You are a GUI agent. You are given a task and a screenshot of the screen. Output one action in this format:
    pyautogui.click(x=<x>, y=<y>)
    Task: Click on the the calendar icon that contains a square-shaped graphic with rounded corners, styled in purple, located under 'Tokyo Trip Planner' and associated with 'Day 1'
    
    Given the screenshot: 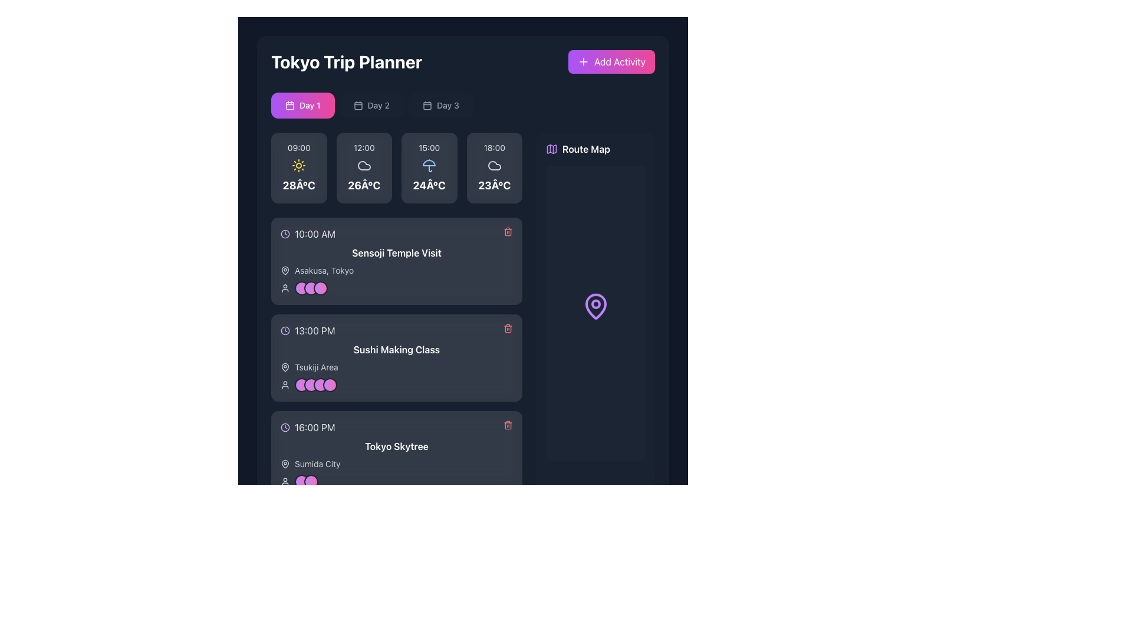 What is the action you would take?
    pyautogui.click(x=289, y=104)
    